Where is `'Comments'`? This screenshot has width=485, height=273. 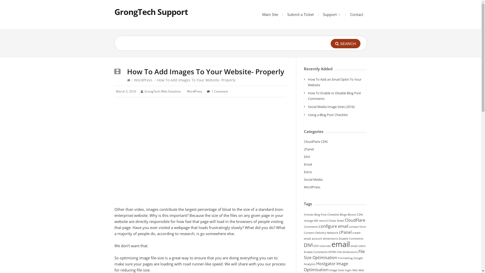
'Comments' is located at coordinates (310, 226).